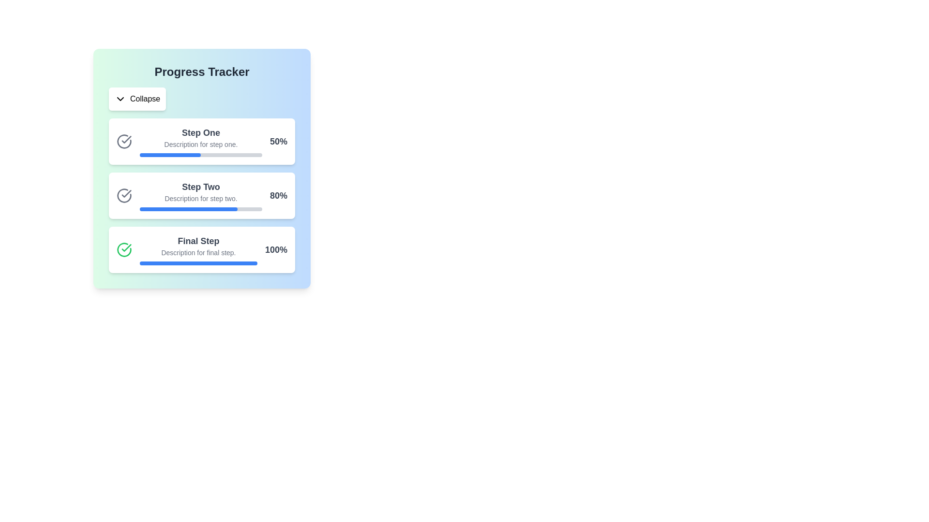 Image resolution: width=929 pixels, height=522 pixels. Describe the element at coordinates (198, 252) in the screenshot. I see `the explanatory text label for the 'Final Step' section, which is located below the 'Final Step' heading and to the left of the progress percentage` at that location.